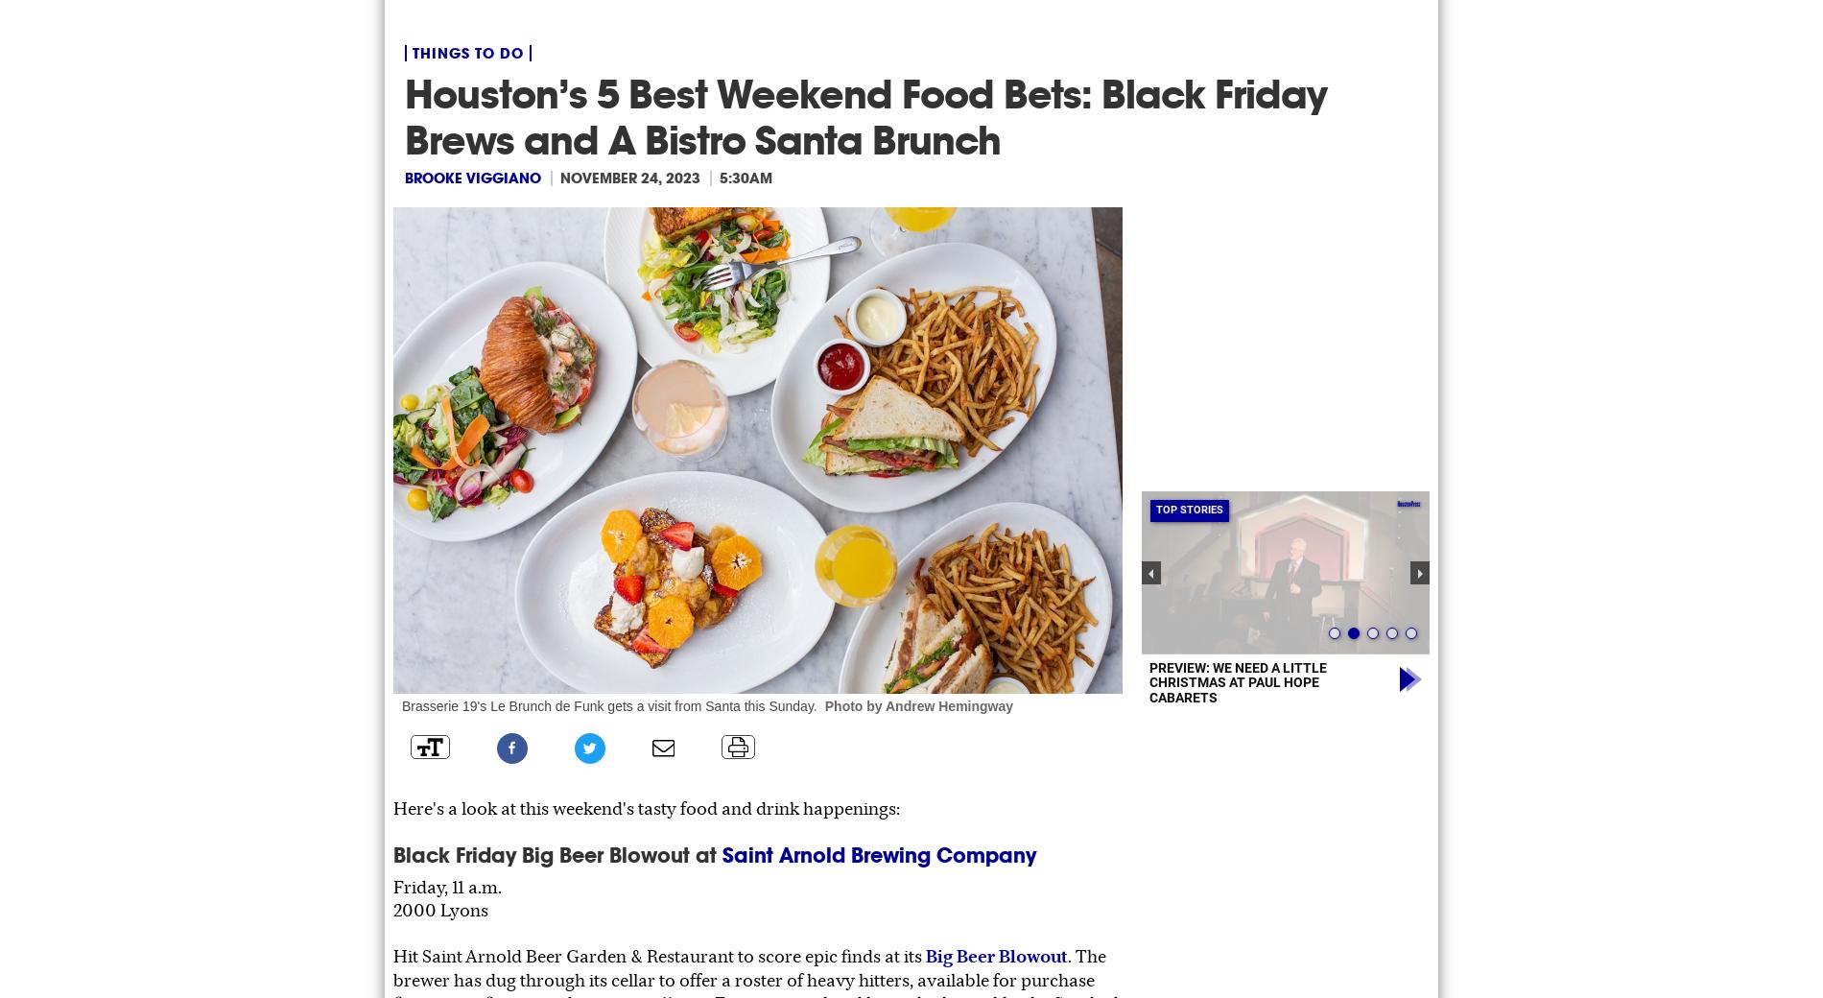 Image resolution: width=1823 pixels, height=998 pixels. Describe the element at coordinates (557, 853) in the screenshot. I see `'Black Friday Big Beer Blowout at'` at that location.